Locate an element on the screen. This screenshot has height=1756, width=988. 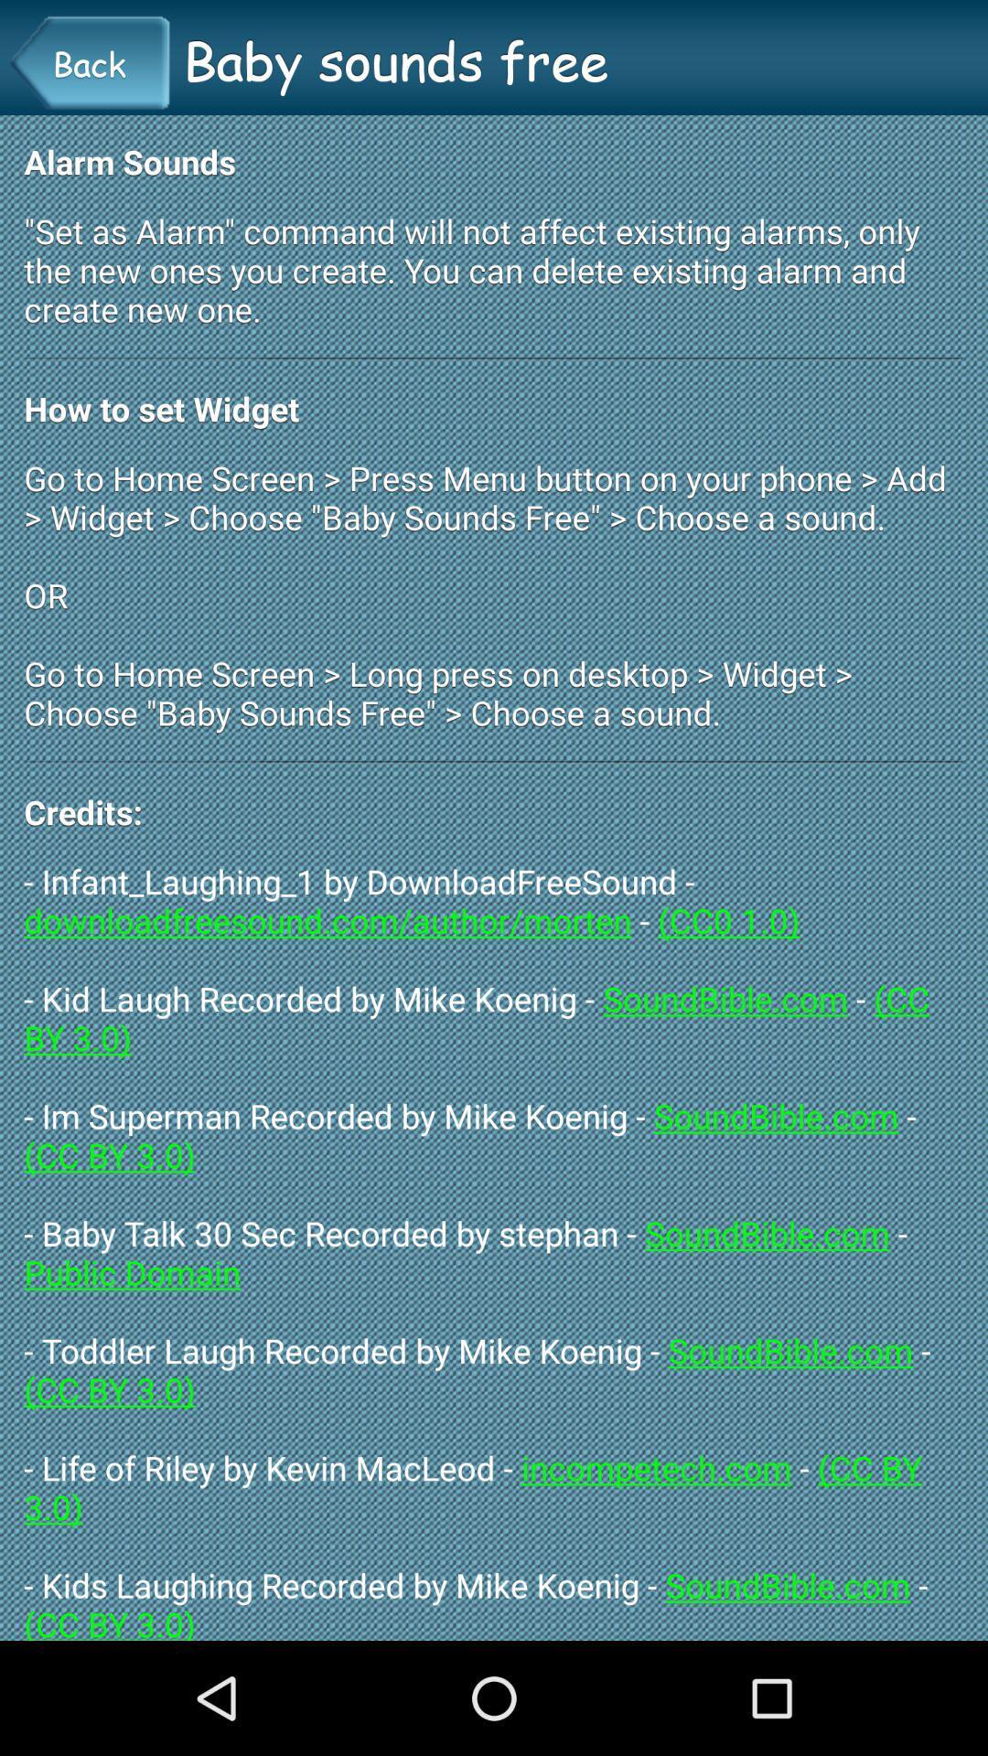
the icon at the bottom is located at coordinates (494, 1248).